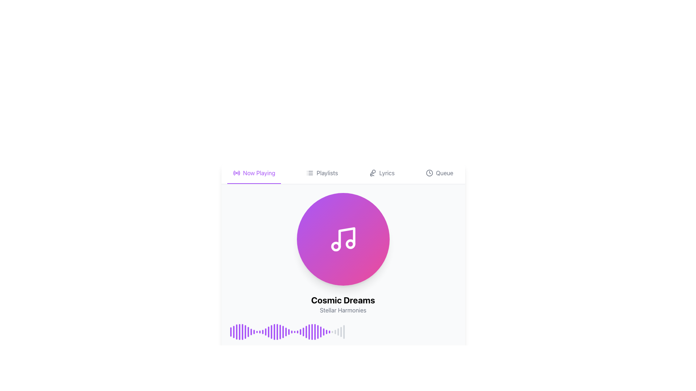 This screenshot has width=696, height=391. Describe the element at coordinates (245, 332) in the screenshot. I see `the sixth vertical bar of the waveform representation, which is filled with a vibrant purple color and located below the album artwork and song title` at that location.